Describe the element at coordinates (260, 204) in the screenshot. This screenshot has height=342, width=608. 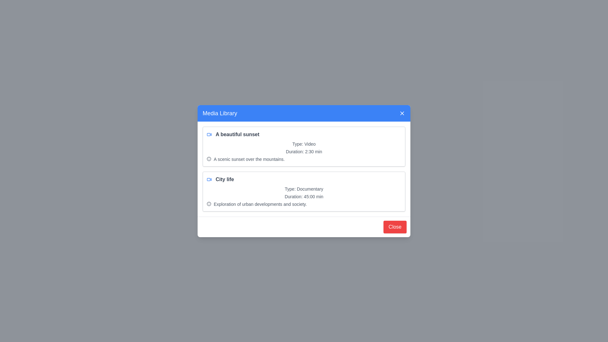
I see `the informational text located below the title and subtitle within the 'City life' content card, which provides additional descriptive information about the media presented` at that location.